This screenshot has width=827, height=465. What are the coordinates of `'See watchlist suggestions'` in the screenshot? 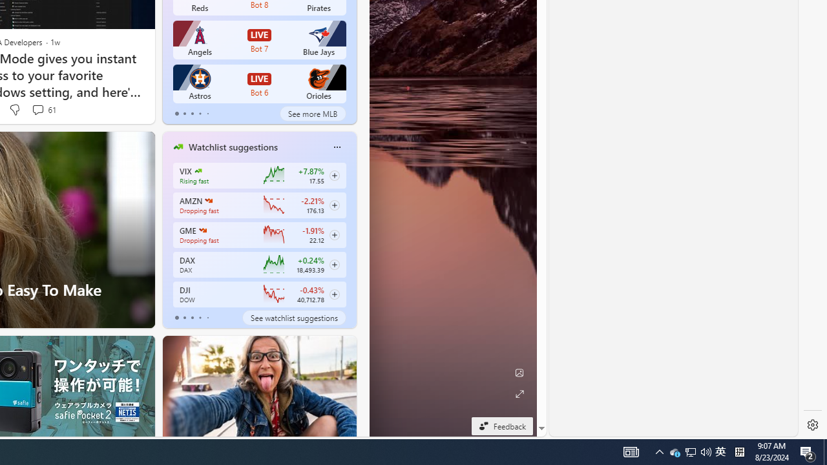 It's located at (293, 318).